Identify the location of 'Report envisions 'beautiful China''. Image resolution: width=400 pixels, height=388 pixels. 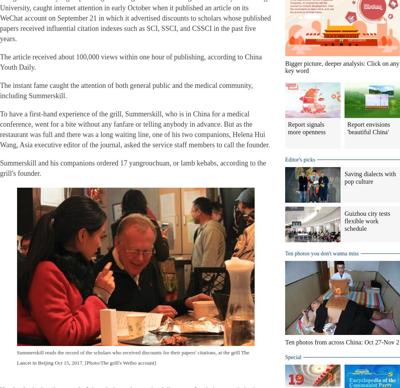
(369, 128).